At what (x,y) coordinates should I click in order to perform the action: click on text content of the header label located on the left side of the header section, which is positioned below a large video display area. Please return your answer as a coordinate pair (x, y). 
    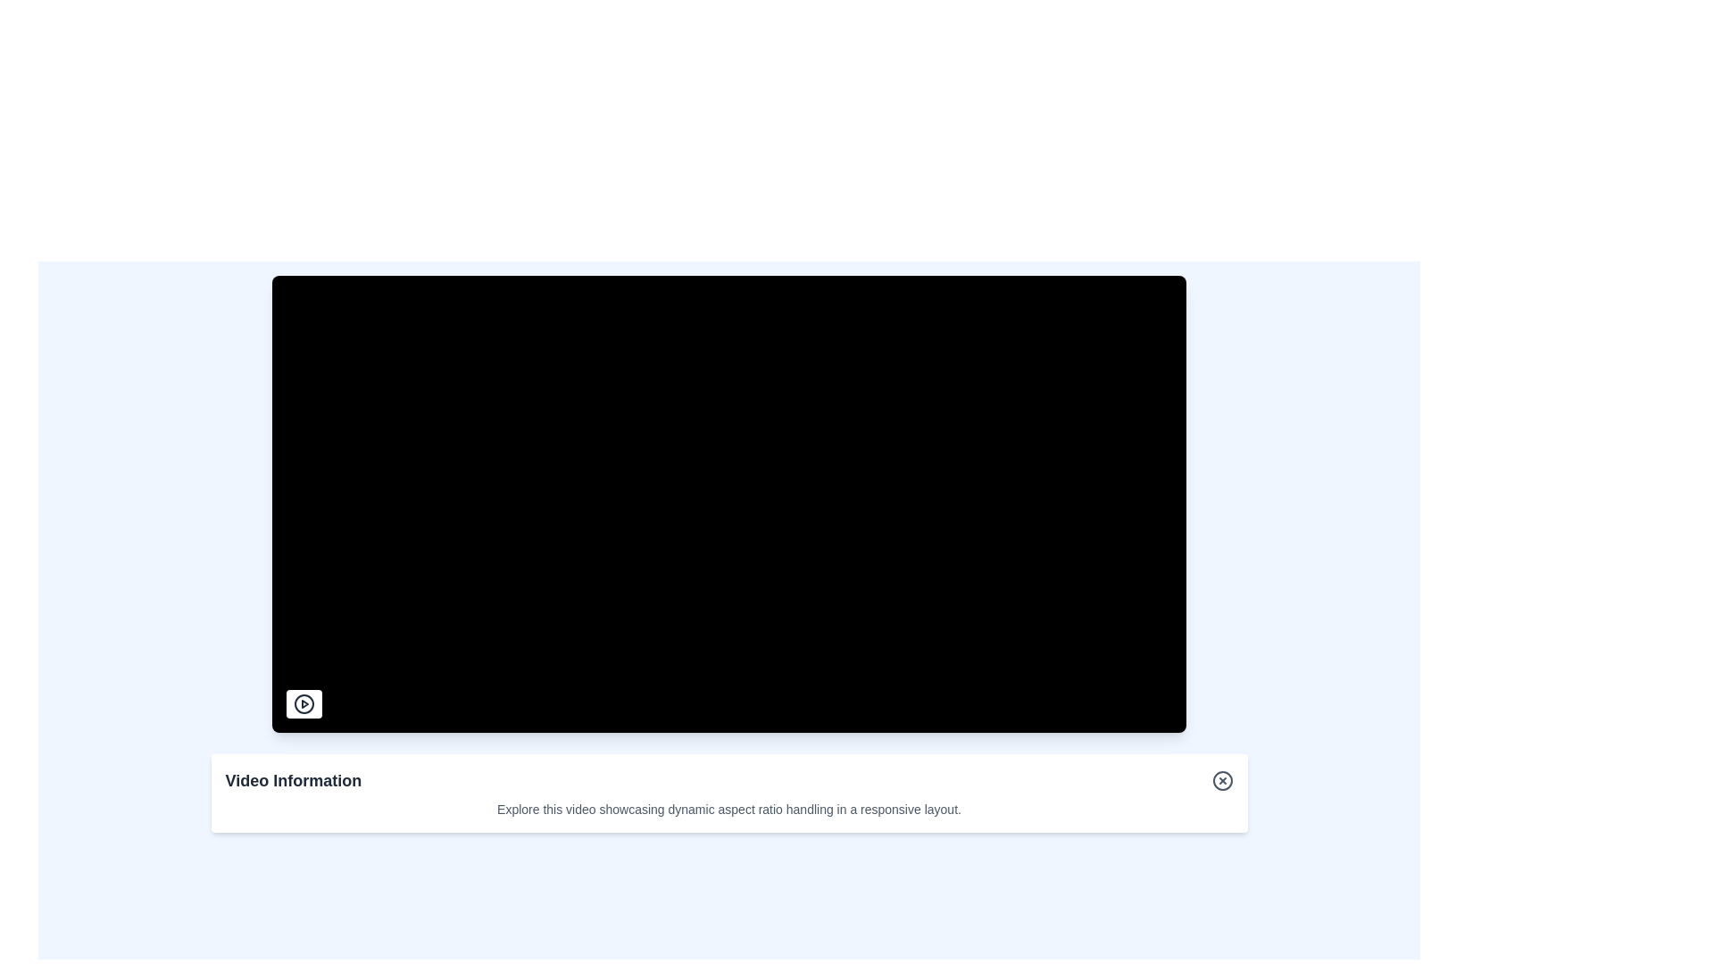
    Looking at the image, I should click on (293, 780).